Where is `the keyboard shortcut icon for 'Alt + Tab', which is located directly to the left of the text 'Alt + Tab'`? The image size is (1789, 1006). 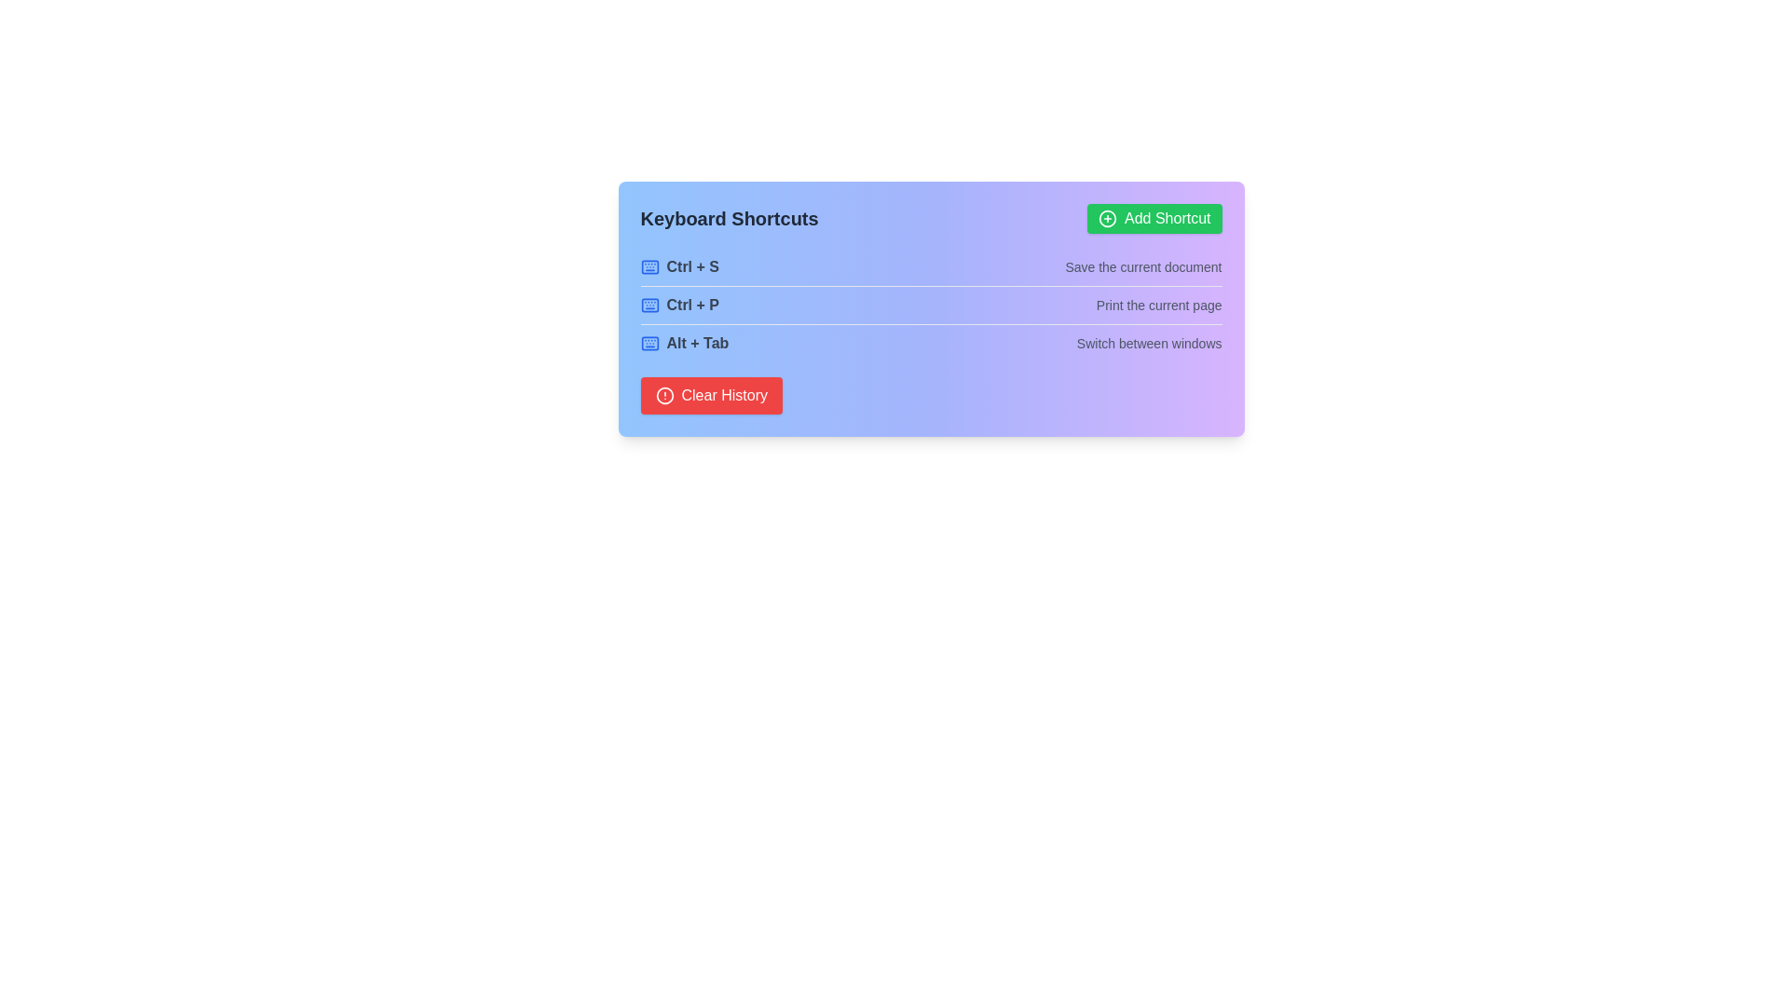
the keyboard shortcut icon for 'Alt + Tab', which is located directly to the left of the text 'Alt + Tab' is located at coordinates (649, 344).